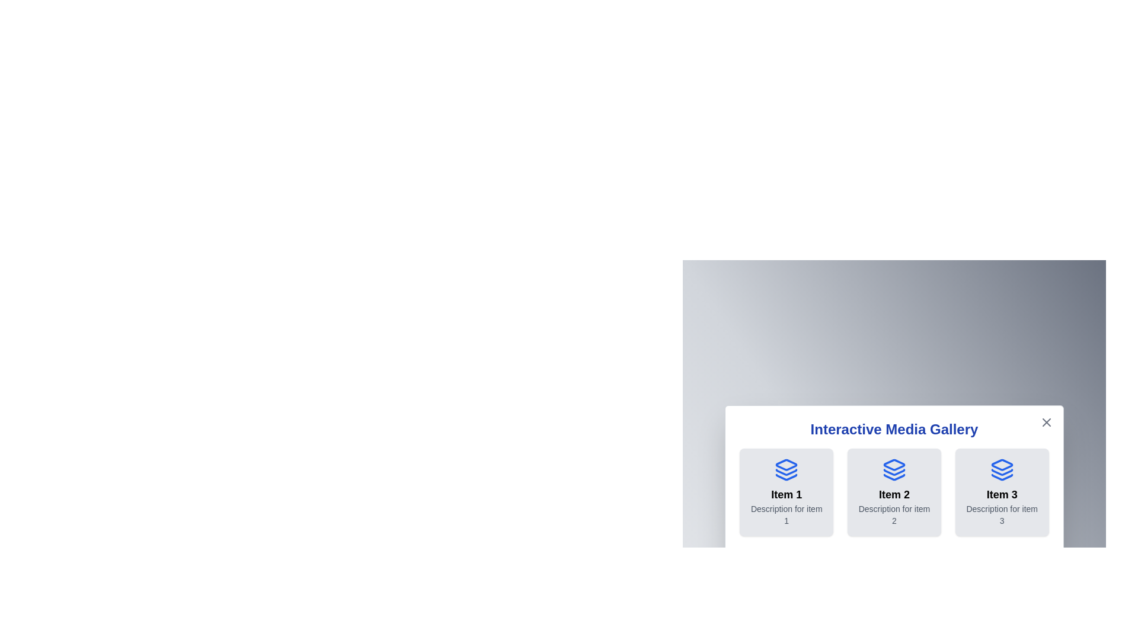  What do you see at coordinates (894, 514) in the screenshot?
I see `the description of the selected item 2` at bounding box center [894, 514].